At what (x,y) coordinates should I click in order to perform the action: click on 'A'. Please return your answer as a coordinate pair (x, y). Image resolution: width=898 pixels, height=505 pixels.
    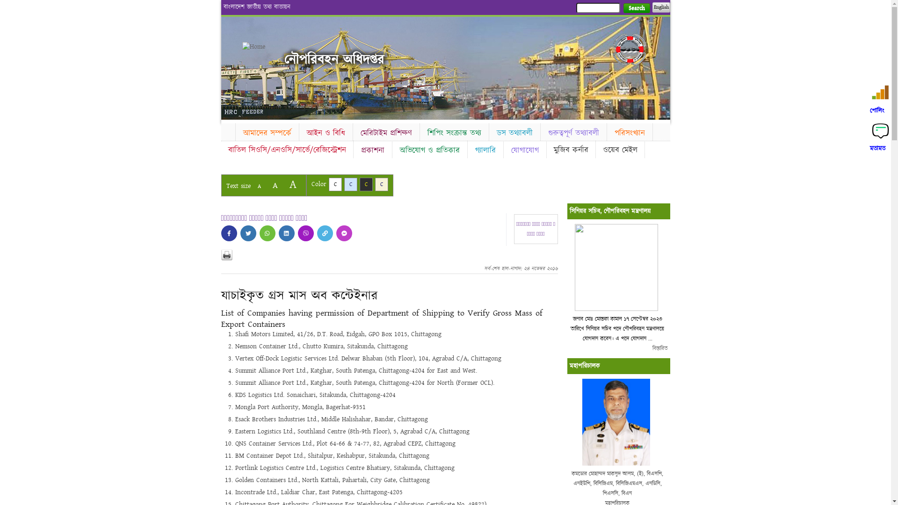
    Looking at the image, I should click on (292, 184).